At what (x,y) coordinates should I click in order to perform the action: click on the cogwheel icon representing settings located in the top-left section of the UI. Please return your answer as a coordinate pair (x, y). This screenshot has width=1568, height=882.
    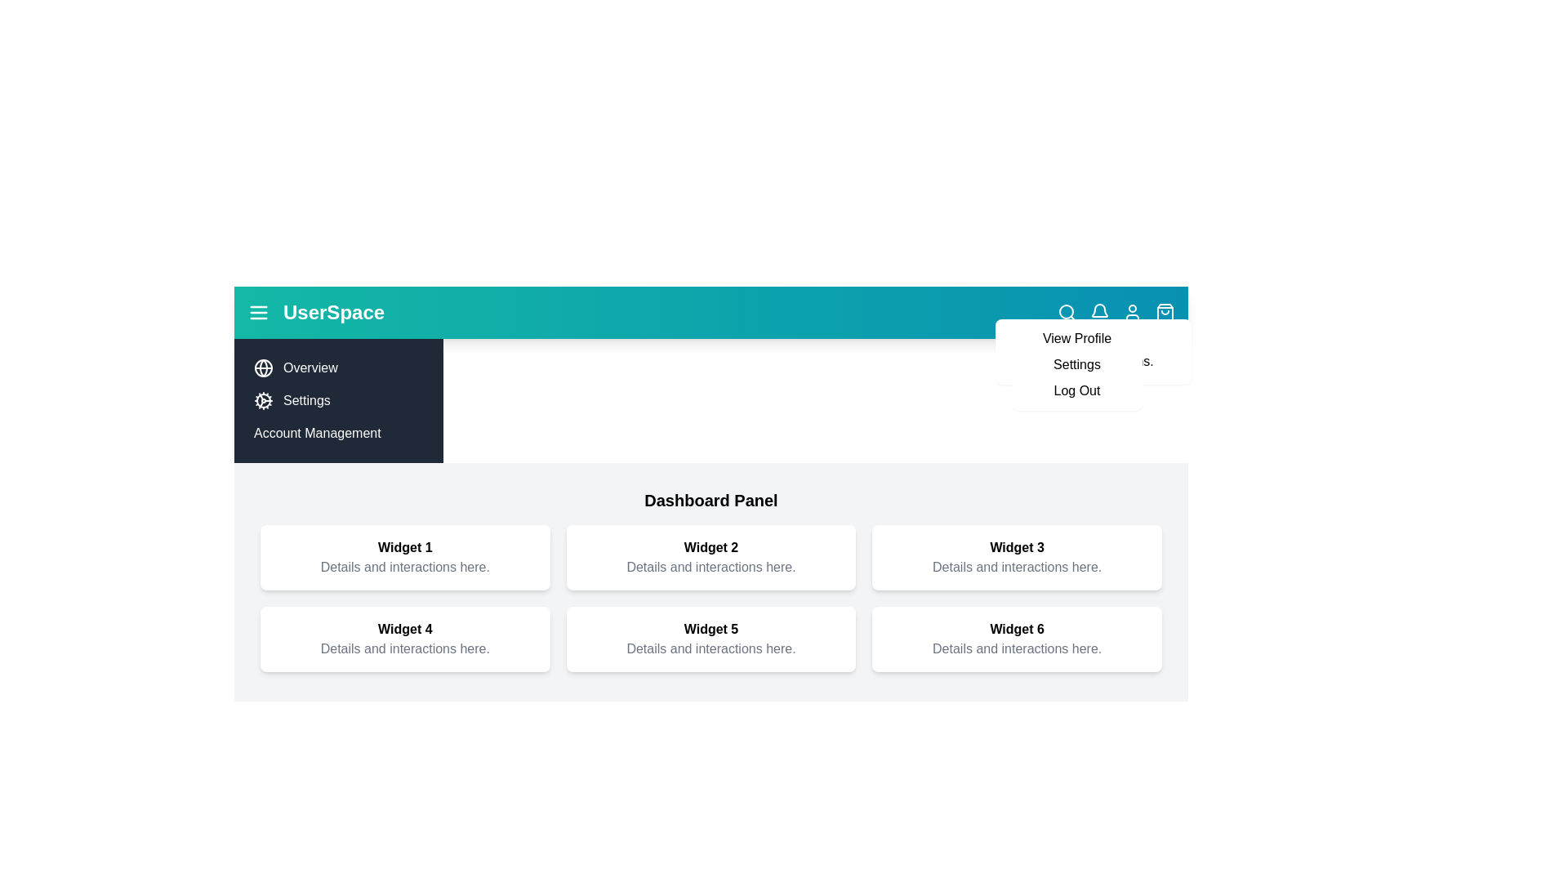
    Looking at the image, I should click on (263, 400).